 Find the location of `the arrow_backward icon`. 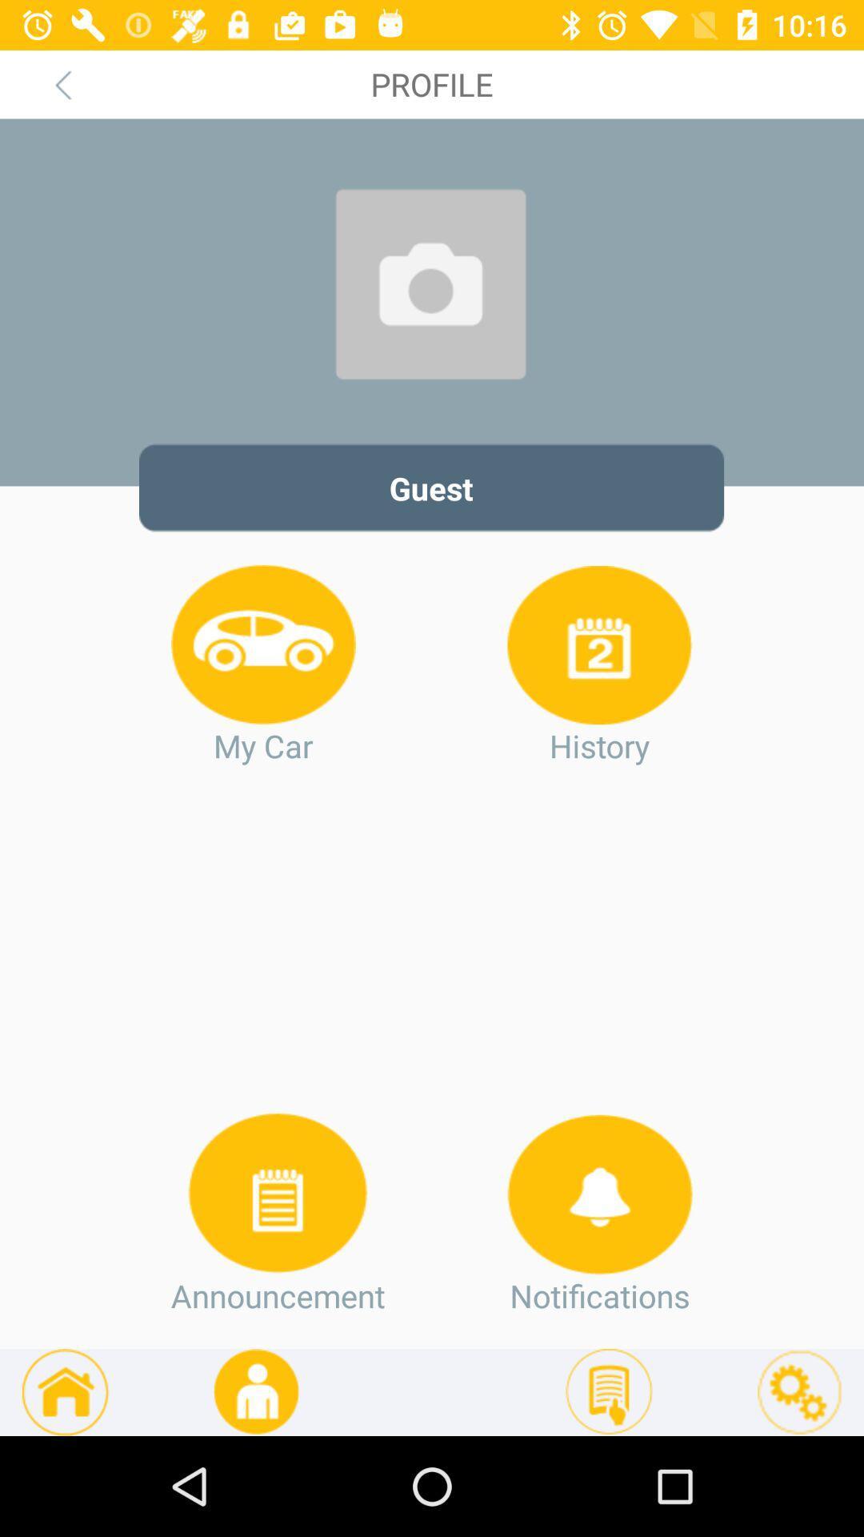

the arrow_backward icon is located at coordinates (62, 83).